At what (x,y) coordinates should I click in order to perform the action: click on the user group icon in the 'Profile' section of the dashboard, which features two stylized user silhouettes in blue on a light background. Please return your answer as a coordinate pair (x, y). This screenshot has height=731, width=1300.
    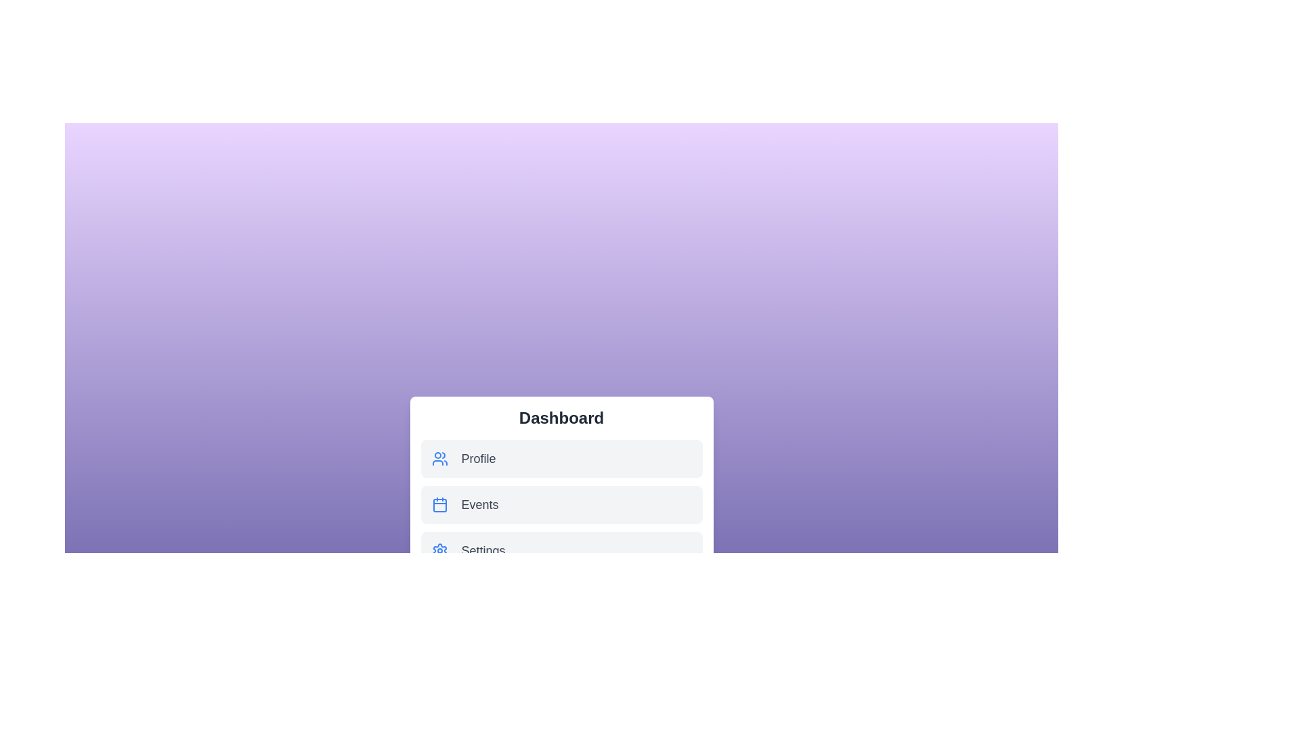
    Looking at the image, I should click on (439, 458).